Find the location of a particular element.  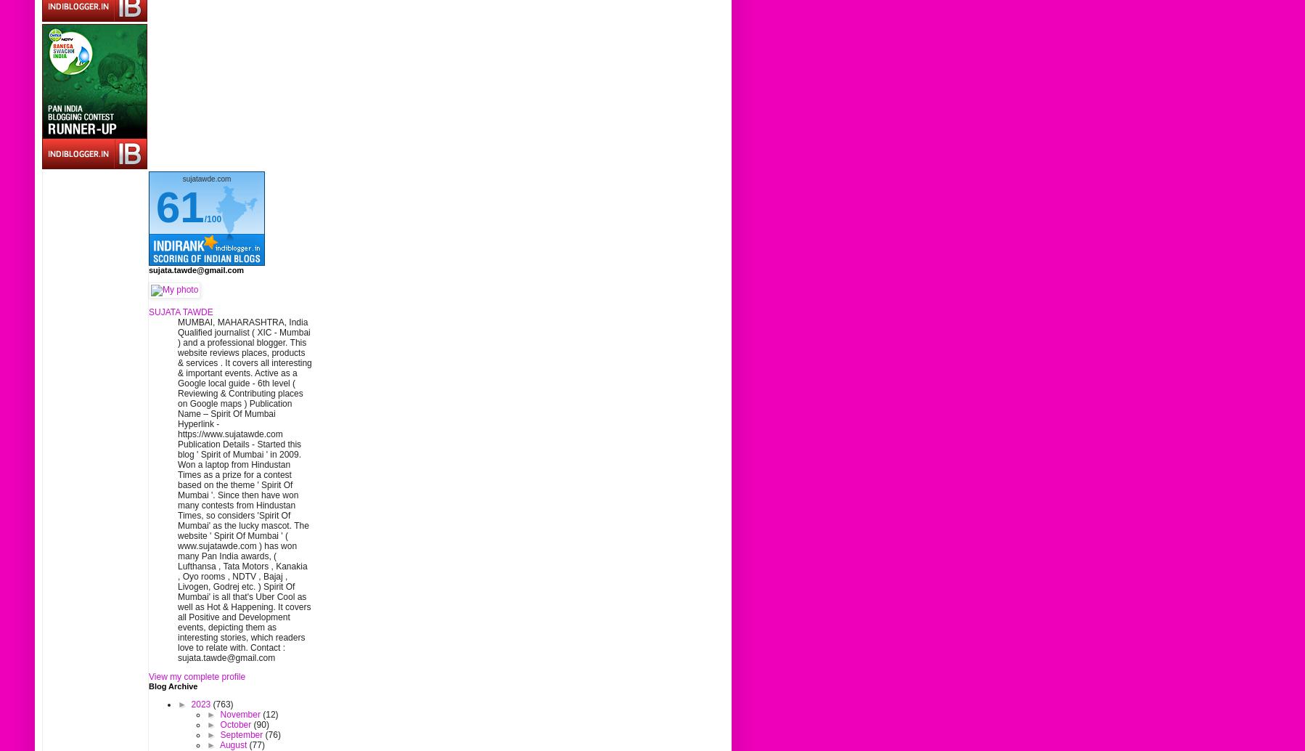

'(763)' is located at coordinates (221, 703).